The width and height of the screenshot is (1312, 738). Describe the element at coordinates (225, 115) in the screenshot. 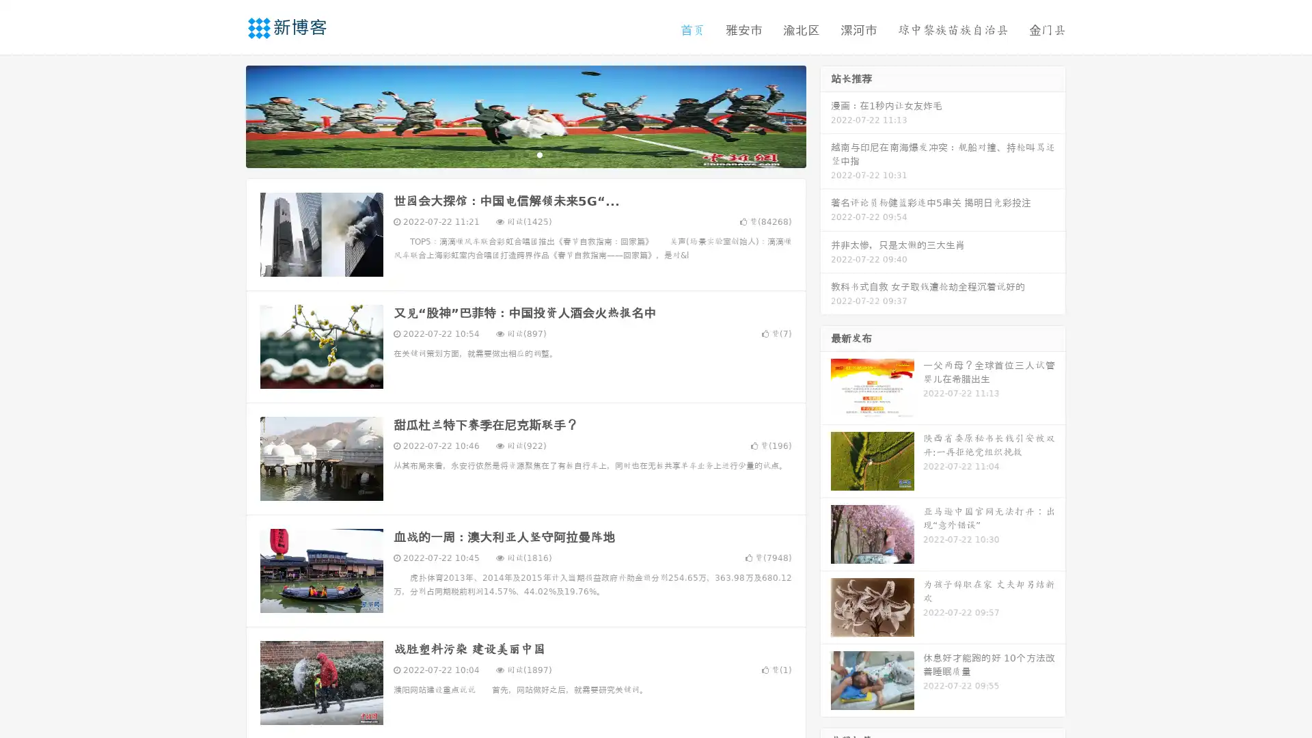

I see `Previous slide` at that location.